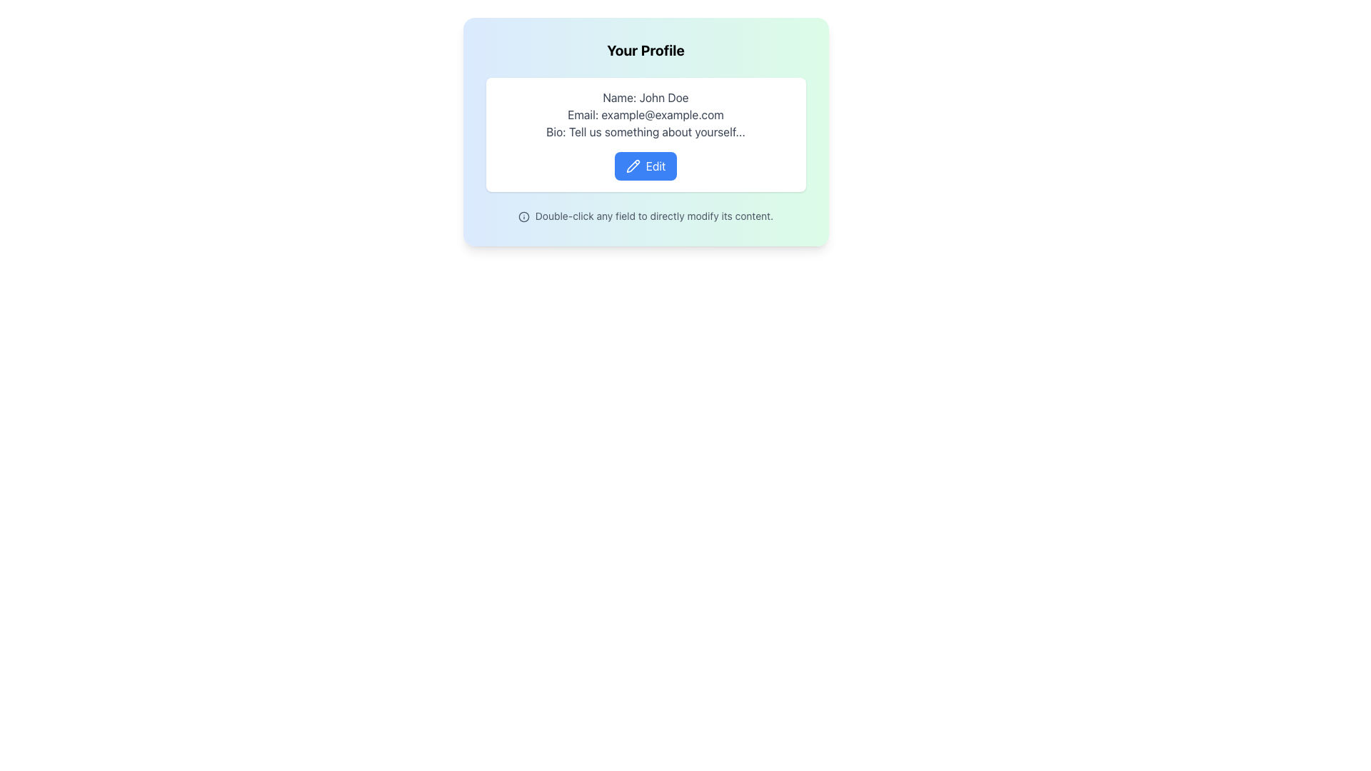  What do you see at coordinates (645, 216) in the screenshot?
I see `the informative text located at the bottom of the card UI component, just below the 'Edit' button, to trigger any potential tooltip` at bounding box center [645, 216].